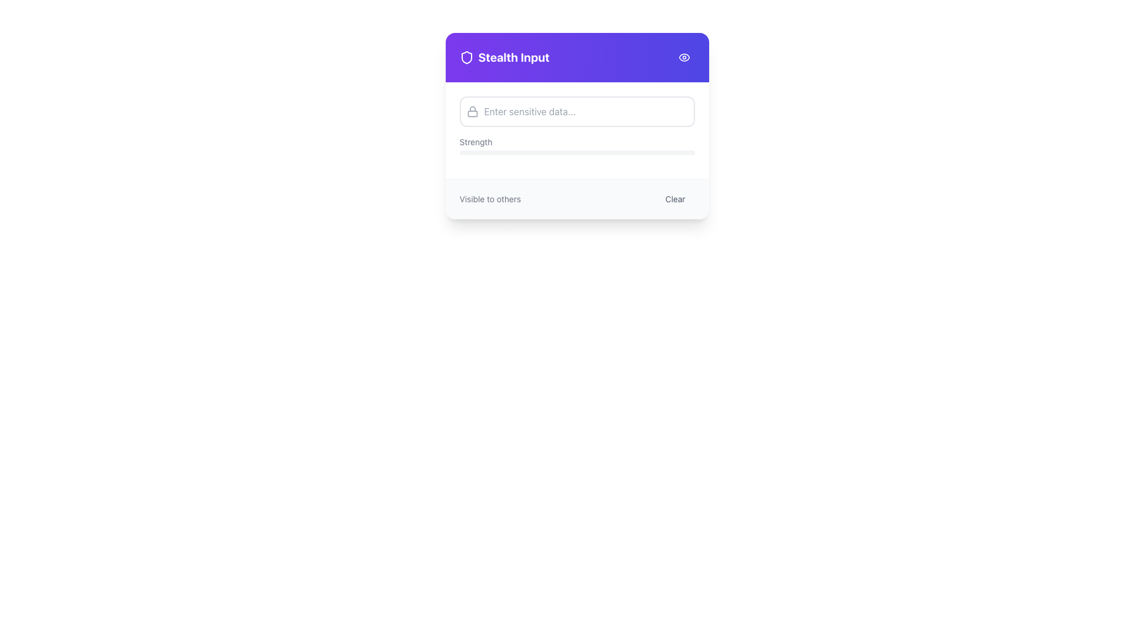 The image size is (1129, 635). Describe the element at coordinates (684, 57) in the screenshot. I see `the eye icon button on the far-right side of the 'Stealth Input' header bar` at that location.